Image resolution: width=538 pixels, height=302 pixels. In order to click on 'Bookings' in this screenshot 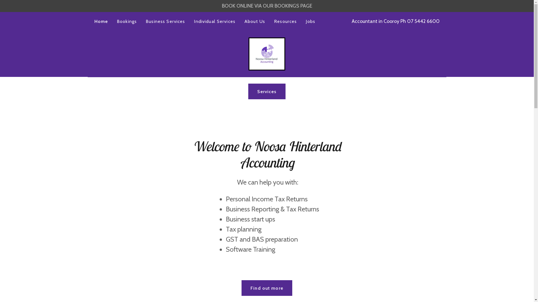, I will do `click(115, 21)`.